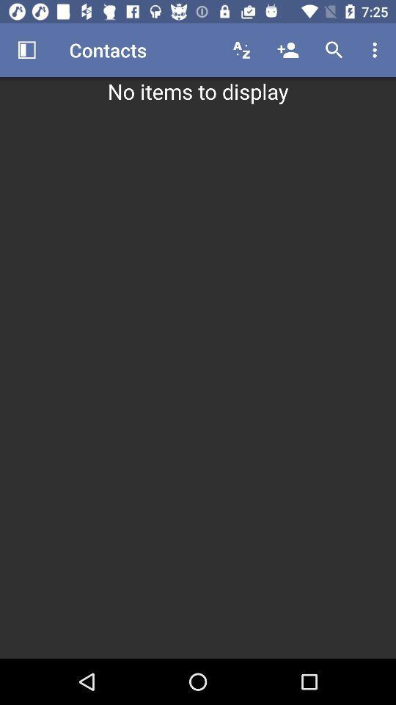 Image resolution: width=396 pixels, height=705 pixels. What do you see at coordinates (334, 50) in the screenshot?
I see `the icon above the no items to icon` at bounding box center [334, 50].